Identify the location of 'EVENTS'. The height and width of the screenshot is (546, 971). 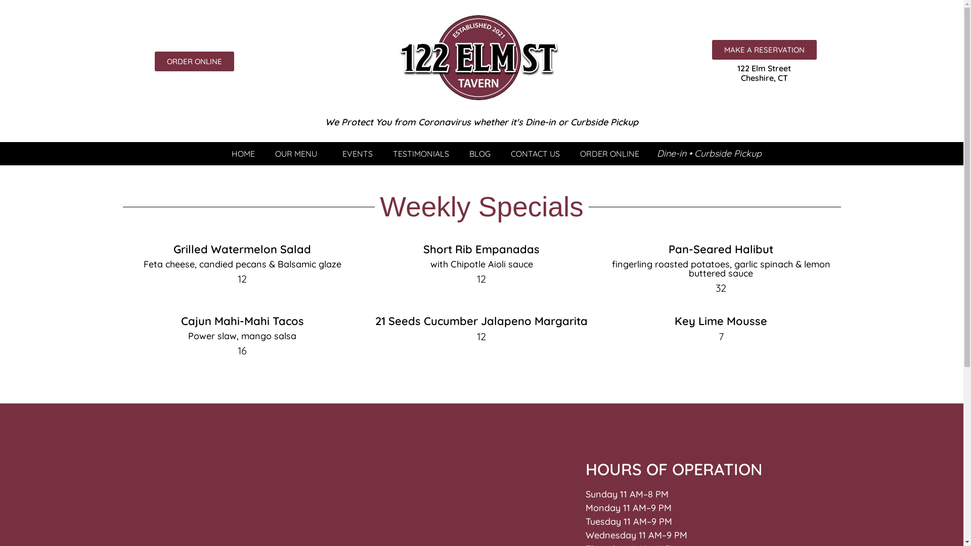
(357, 154).